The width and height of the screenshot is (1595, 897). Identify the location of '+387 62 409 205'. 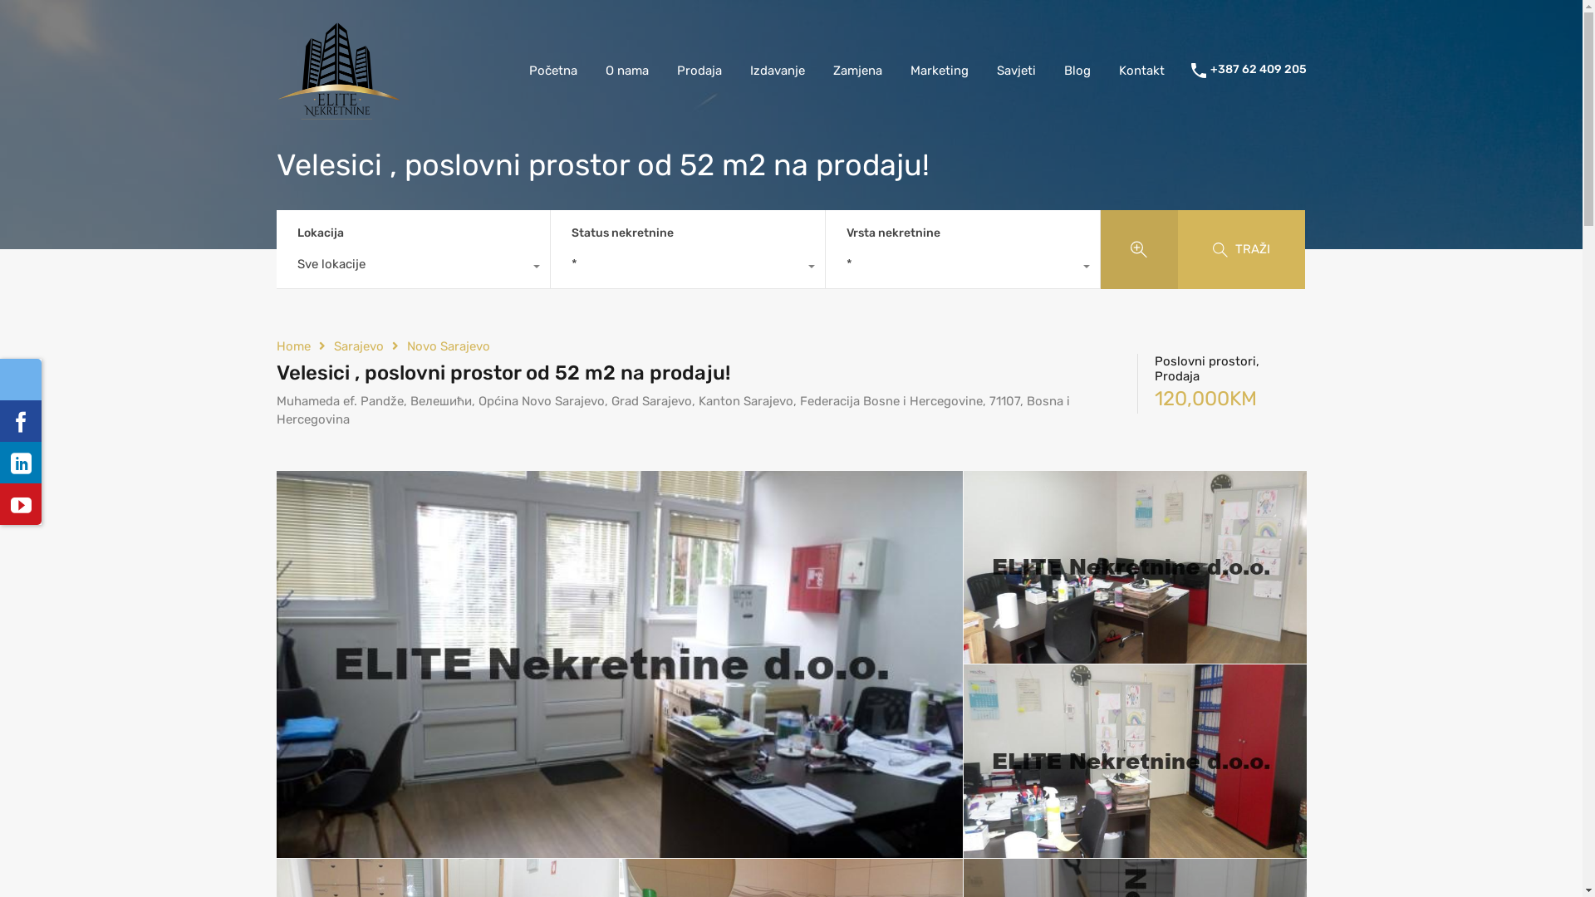
(1257, 69).